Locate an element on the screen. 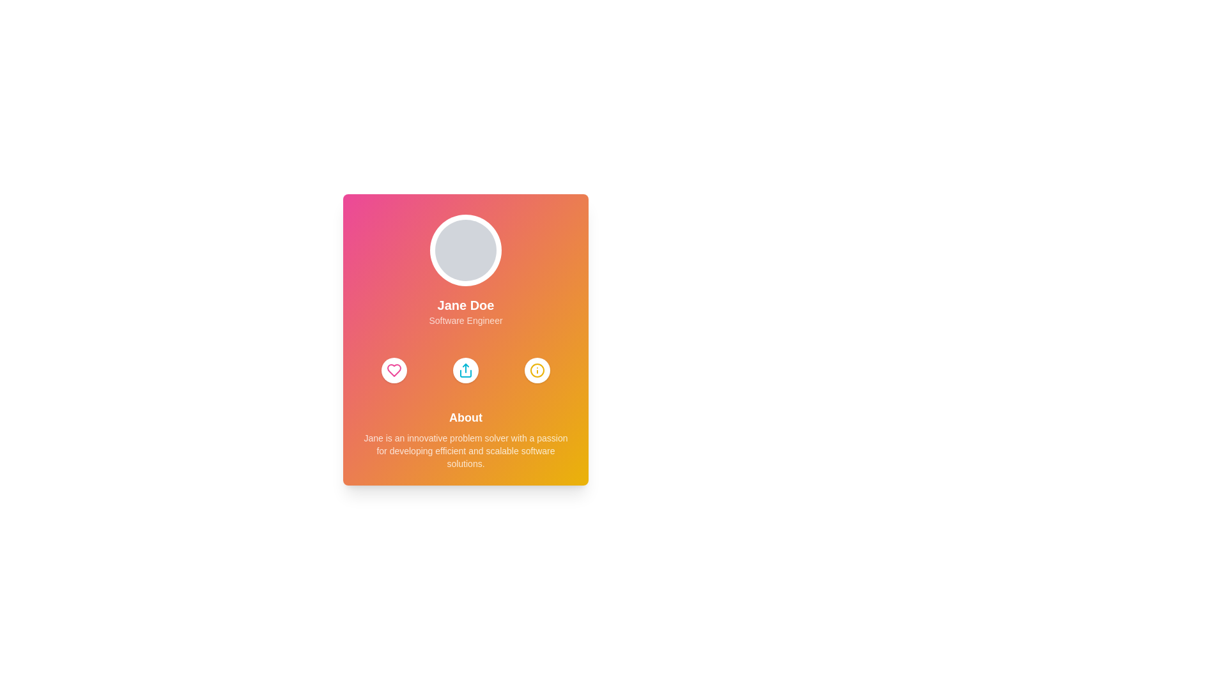 The image size is (1227, 690). the 'like' icon located beneath the profile image, which is the first circular icon in the row of three icons is located at coordinates (394, 370).